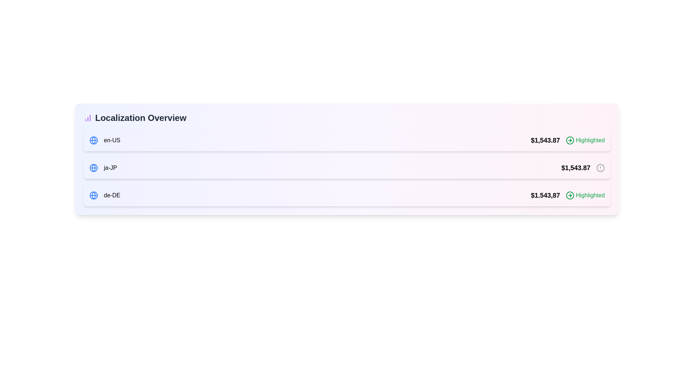  Describe the element at coordinates (567, 140) in the screenshot. I see `labeled information from the element displaying the dollar amount '$1,543.87' and the label 'Highlighted' styled in green, located next to the 'en-US' entry in the topmost row of the localization information list` at that location.